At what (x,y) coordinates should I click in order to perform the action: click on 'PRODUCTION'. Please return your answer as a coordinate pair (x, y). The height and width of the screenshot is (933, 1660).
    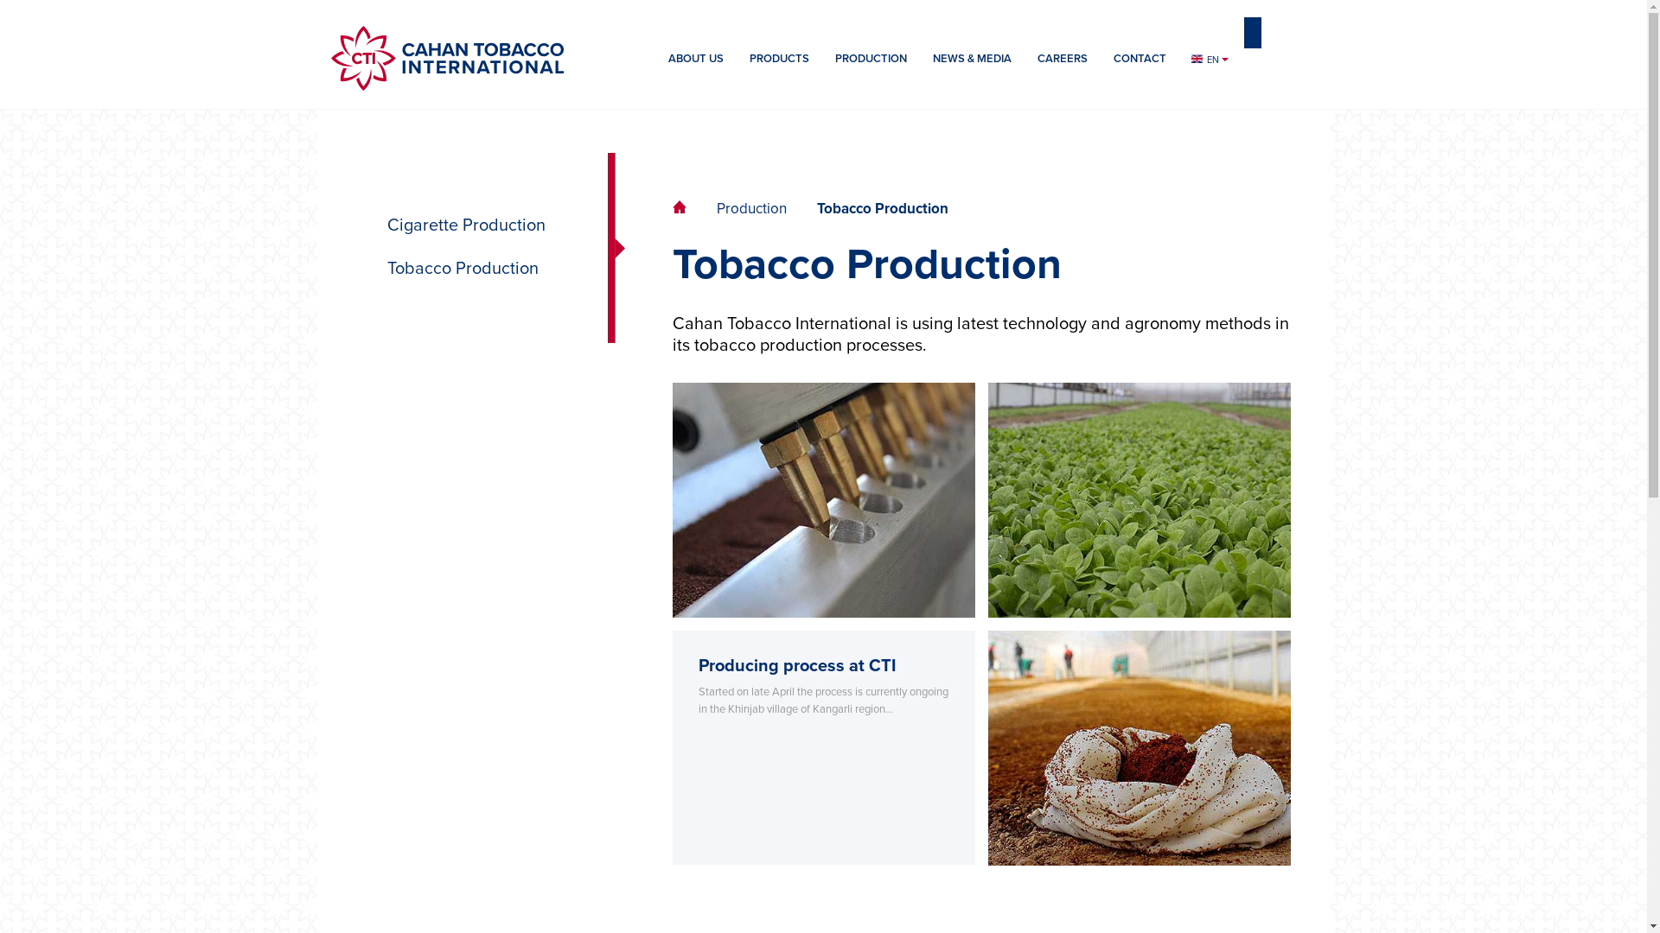
    Looking at the image, I should click on (870, 66).